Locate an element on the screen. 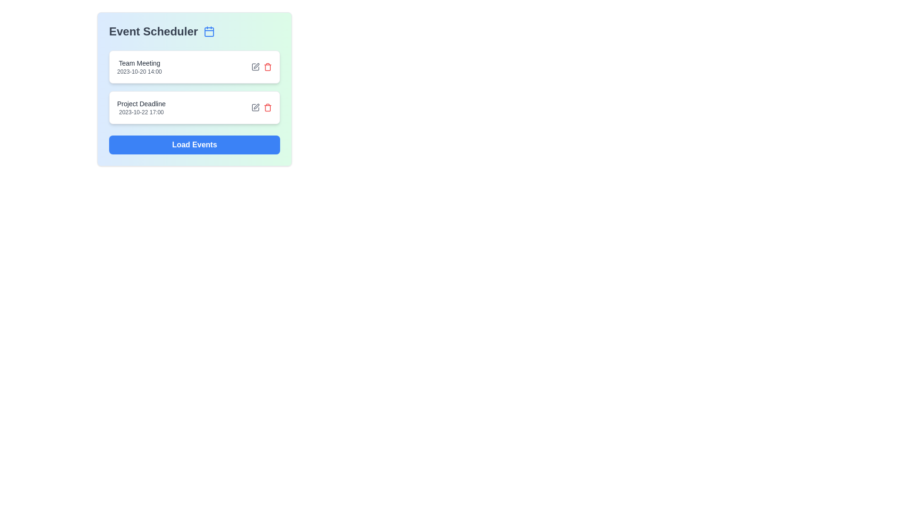  light blue rectangular shape with rounded corners that is integrated into the calendar icon in the top-right corner of the 'Event Scheduler' interface is located at coordinates (209, 32).